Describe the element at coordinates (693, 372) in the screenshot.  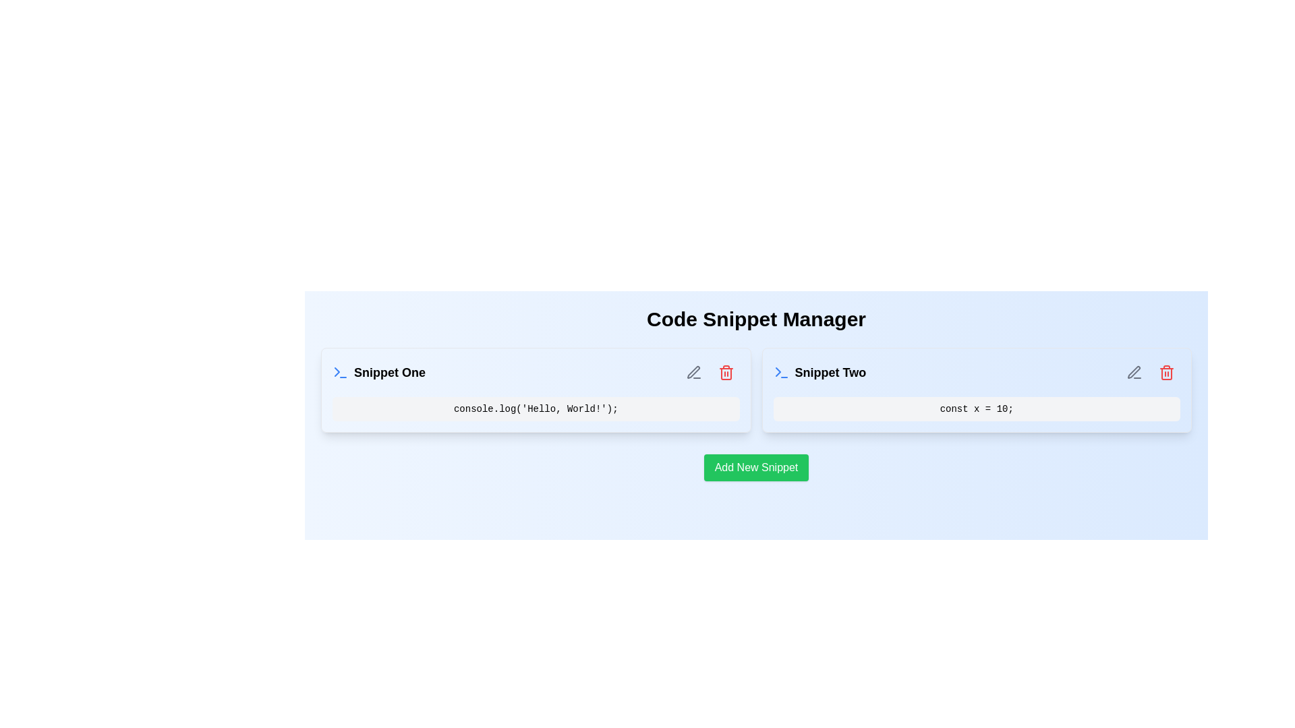
I see `the pencil icon button located in the toolbar at the top-right corner of the 'Snippet One' editable snippet card to initiate editing` at that location.